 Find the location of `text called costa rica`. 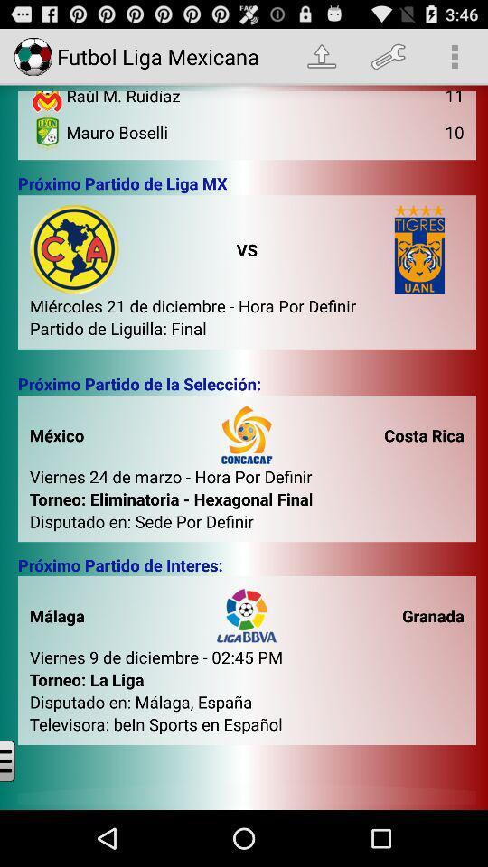

text called costa rica is located at coordinates (418, 447).